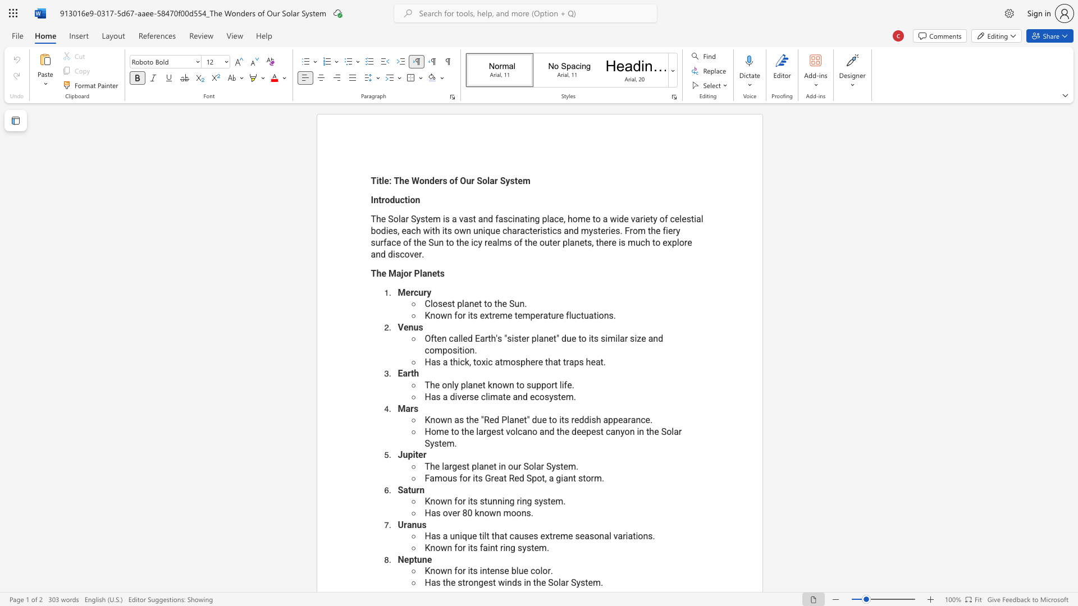  What do you see at coordinates (411, 254) in the screenshot?
I see `the 3th character "v" in the text` at bounding box center [411, 254].